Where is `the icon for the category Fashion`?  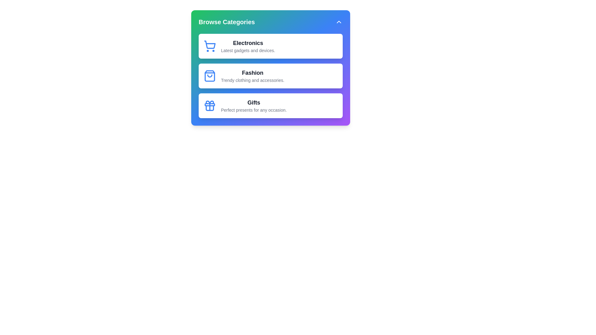
the icon for the category Fashion is located at coordinates (210, 76).